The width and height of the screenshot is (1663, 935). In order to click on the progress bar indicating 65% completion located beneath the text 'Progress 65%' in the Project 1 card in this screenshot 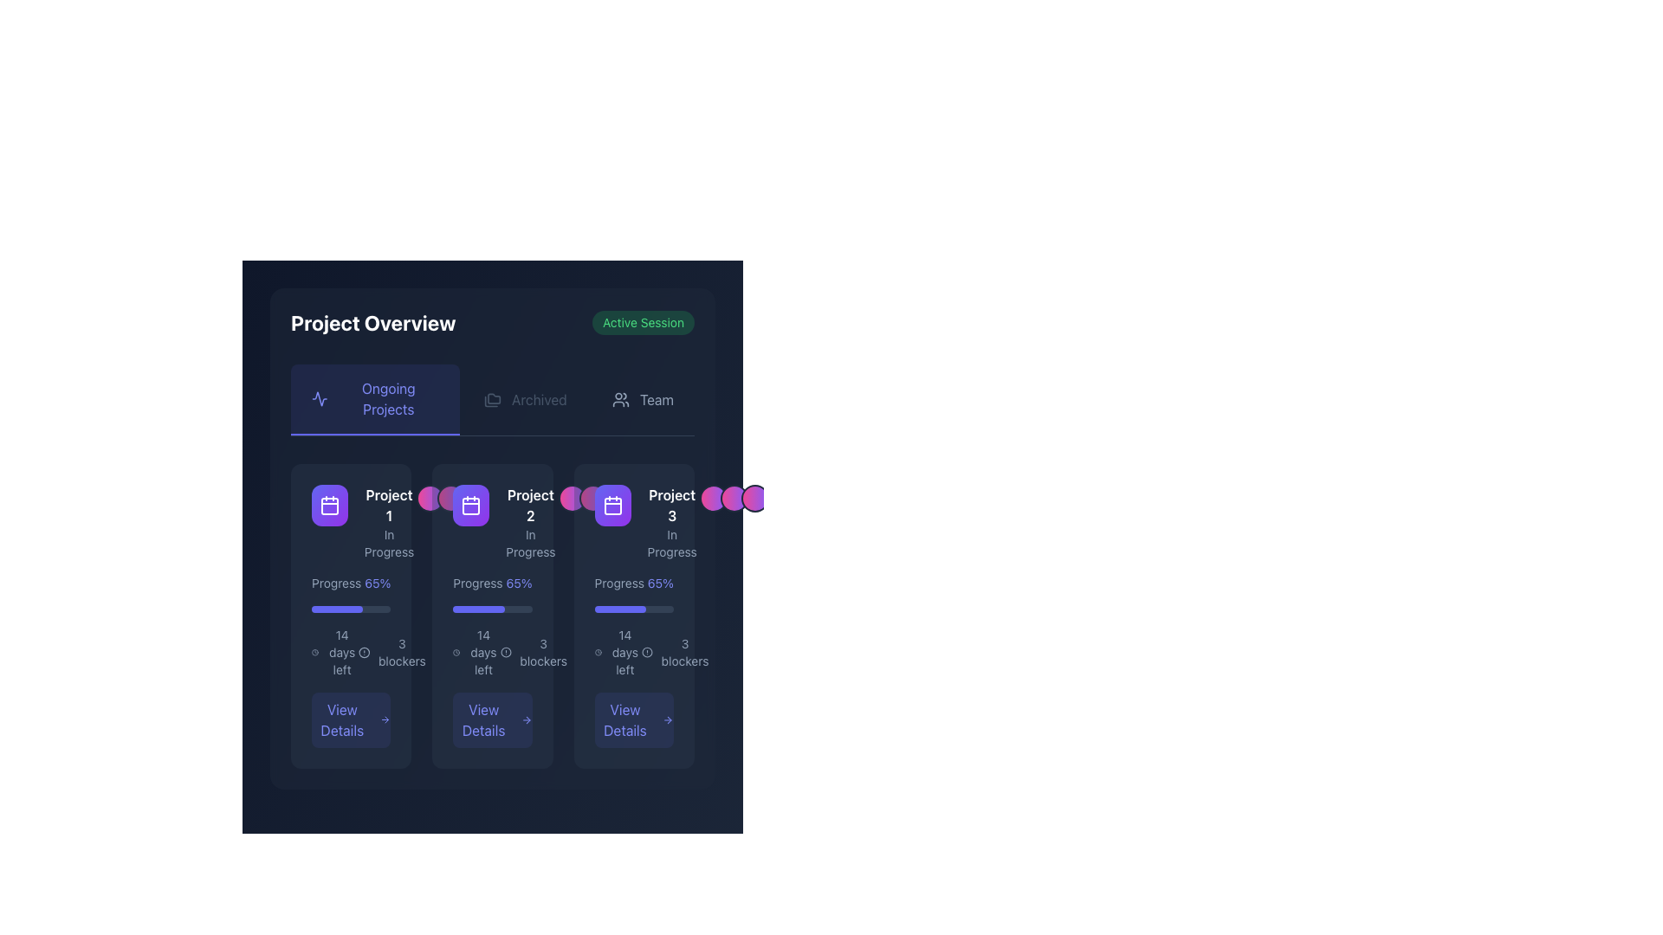, I will do `click(350, 609)`.